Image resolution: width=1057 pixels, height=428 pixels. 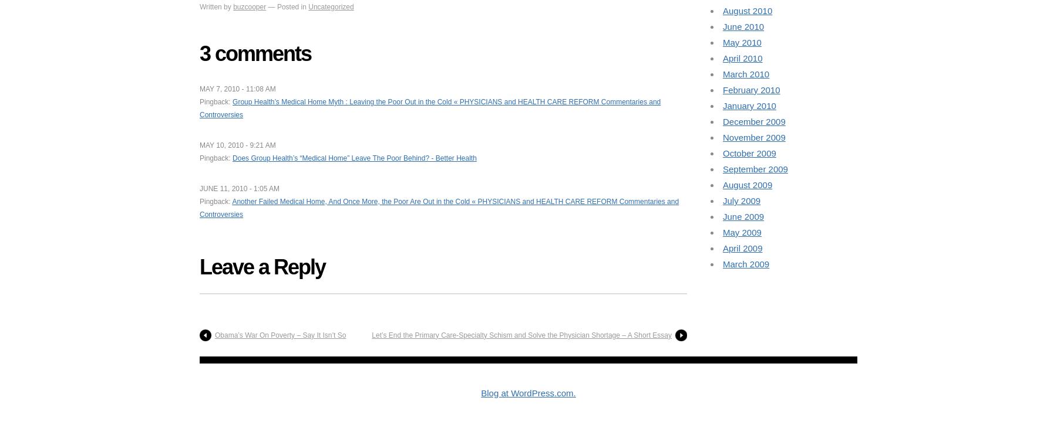 I want to click on 'August 2009', so click(x=747, y=185).